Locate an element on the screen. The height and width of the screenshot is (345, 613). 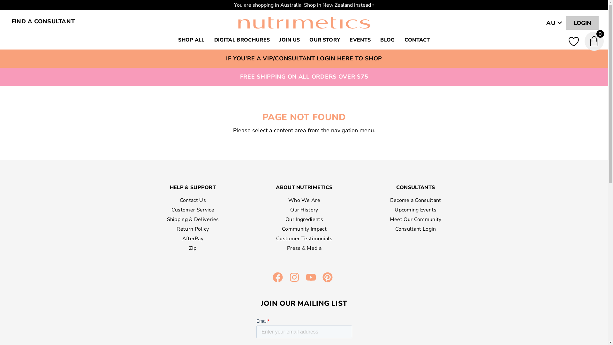
'Community Impact' is located at coordinates (304, 229).